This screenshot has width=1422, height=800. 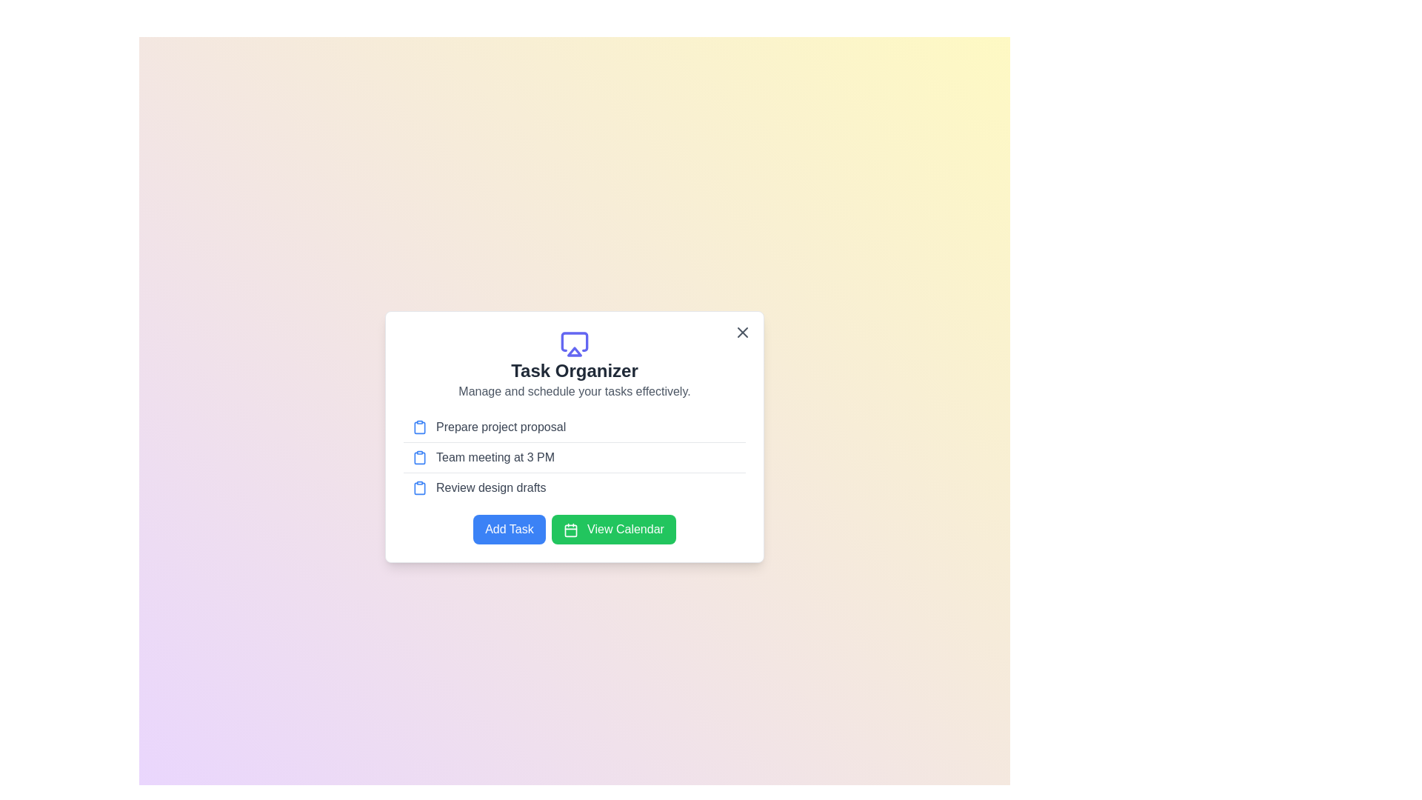 I want to click on the 'Add Task' button, so click(x=509, y=528).